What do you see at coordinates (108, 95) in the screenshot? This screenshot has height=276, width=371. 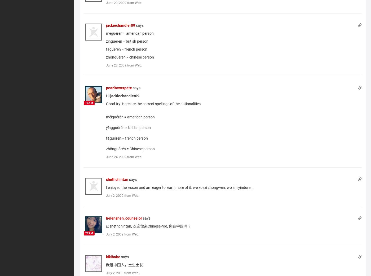 I see `'Hi'` at bounding box center [108, 95].